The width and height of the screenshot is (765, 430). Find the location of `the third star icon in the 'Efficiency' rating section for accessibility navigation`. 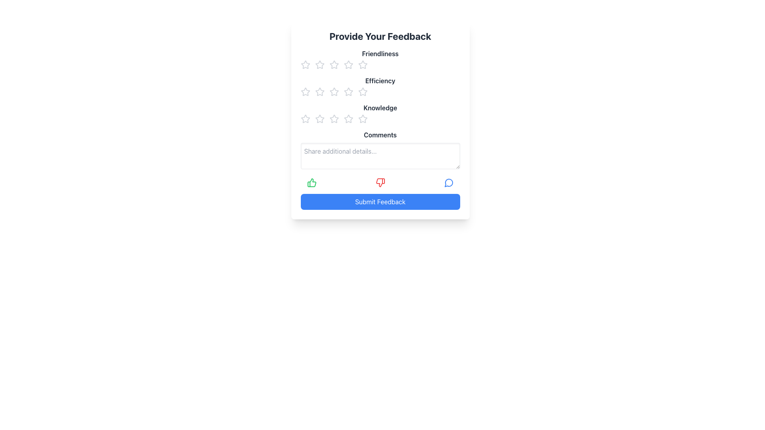

the third star icon in the 'Efficiency' rating section for accessibility navigation is located at coordinates (320, 91).